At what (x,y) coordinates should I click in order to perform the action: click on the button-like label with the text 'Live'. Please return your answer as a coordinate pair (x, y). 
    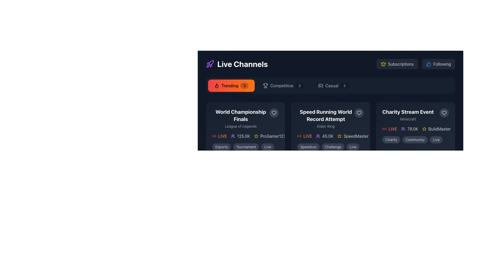
    Looking at the image, I should click on (268, 147).